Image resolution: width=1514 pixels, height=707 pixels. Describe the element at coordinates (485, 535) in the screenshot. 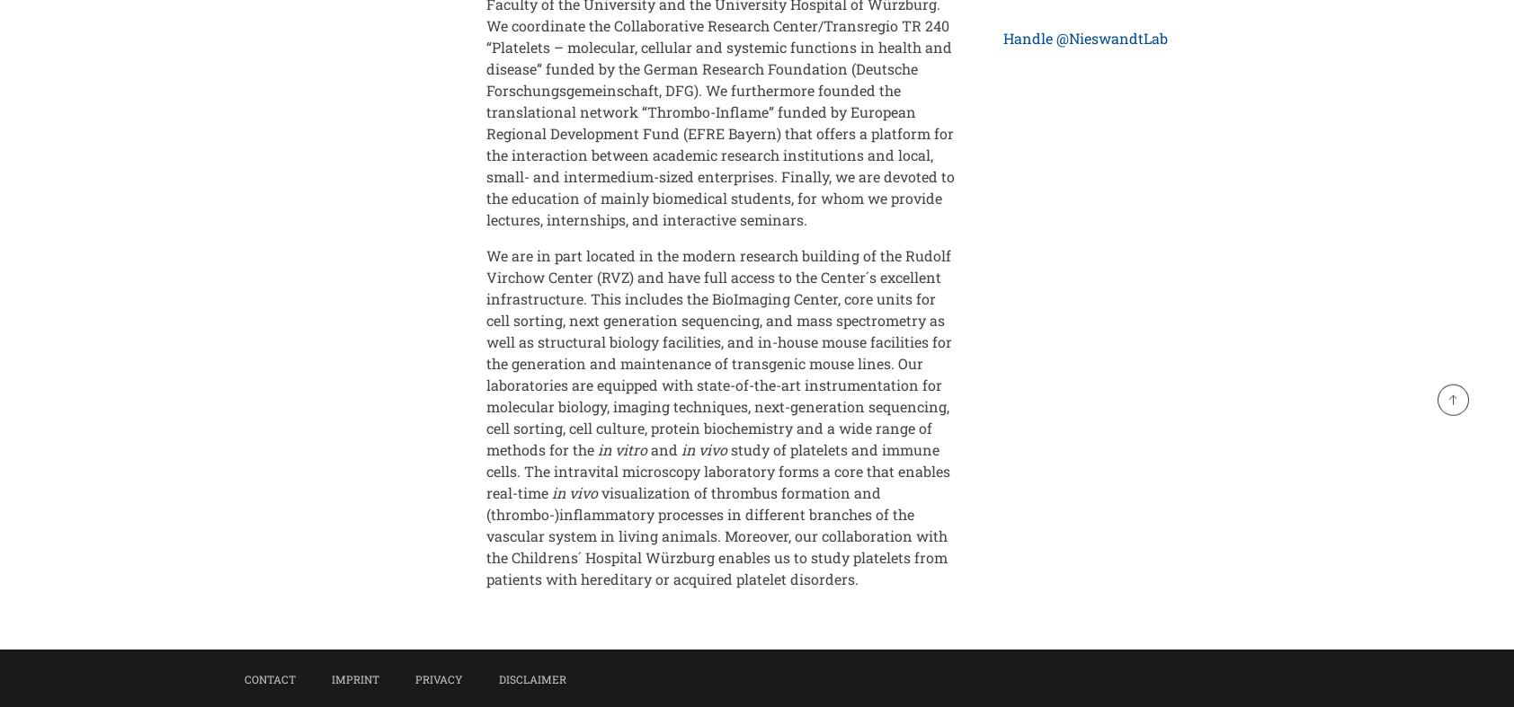

I see `'visualization of thrombus formation and (thrombo-)inflammatory processes in different branches of the vascular system in living animals. Moreover, our collaboration with the Childrens´ Hospital Würzburg enables us to study platelets from patients with hereditary or acquired platelet disorders.'` at that location.